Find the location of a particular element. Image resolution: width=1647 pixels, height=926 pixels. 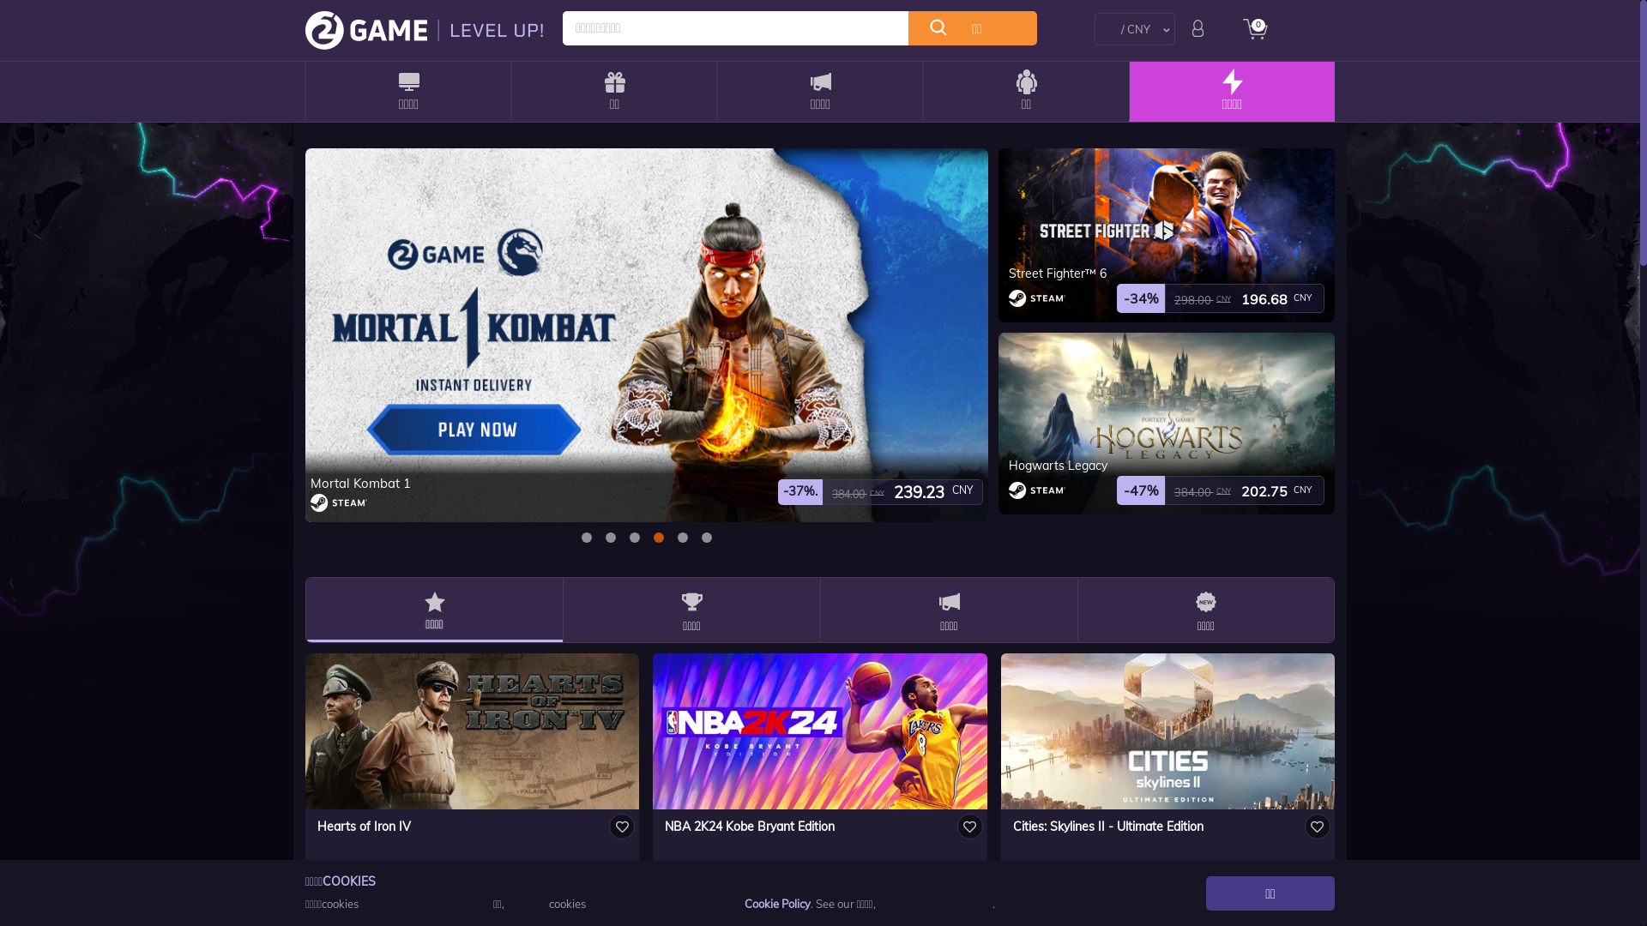

'0' is located at coordinates (581, 537).